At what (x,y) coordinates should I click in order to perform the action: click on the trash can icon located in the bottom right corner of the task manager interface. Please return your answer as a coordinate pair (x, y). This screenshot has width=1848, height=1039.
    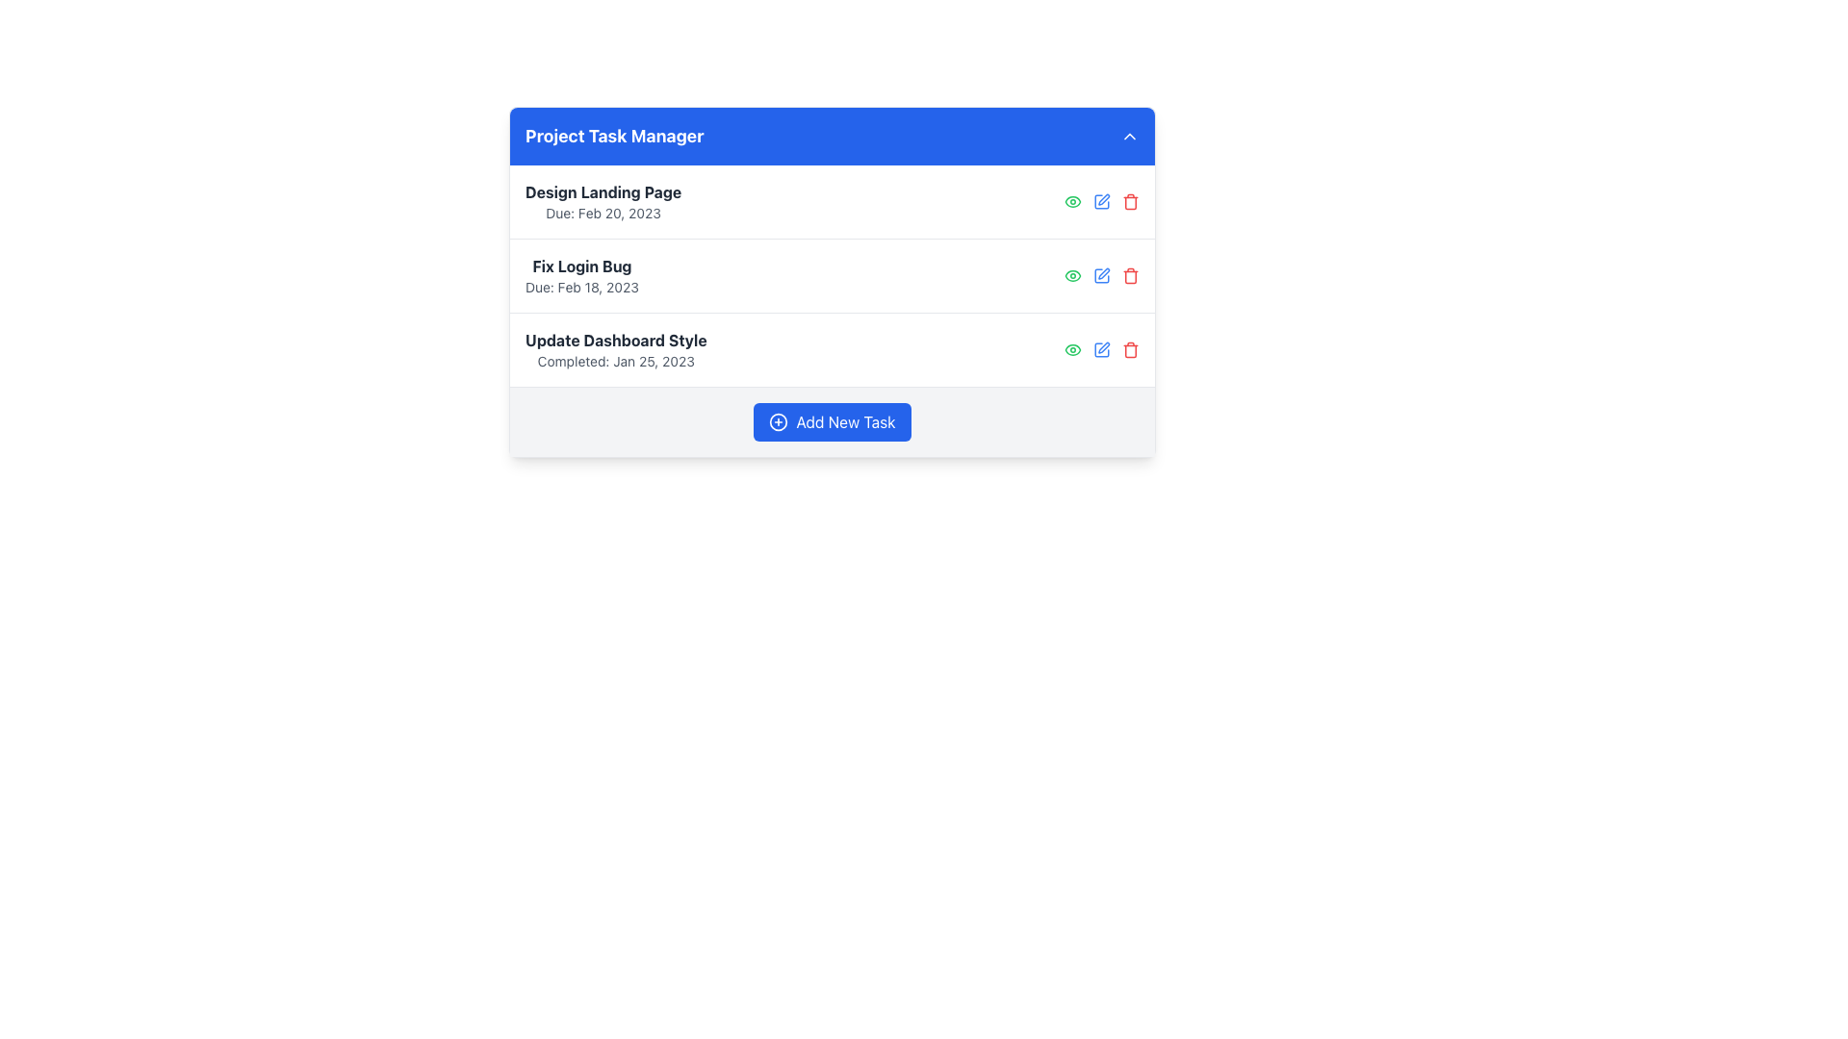
    Looking at the image, I should click on (1131, 349).